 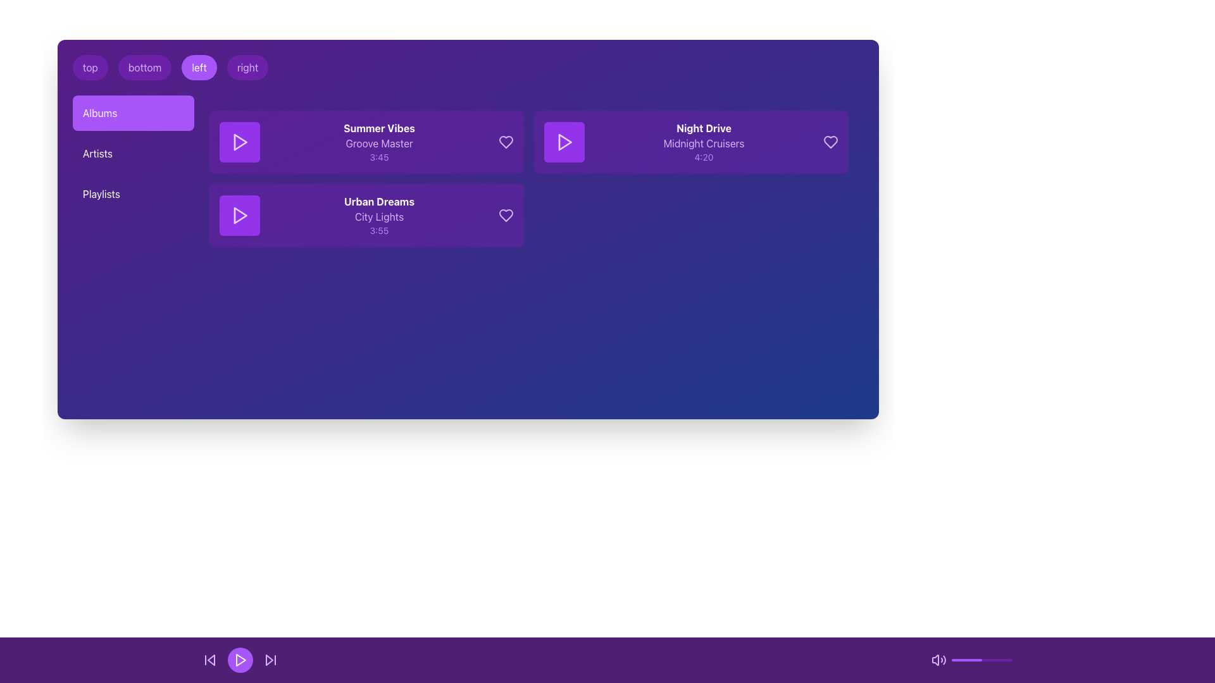 I want to click on the favorite button icon in the 'Urban Dreams' album section, so click(x=506, y=214).